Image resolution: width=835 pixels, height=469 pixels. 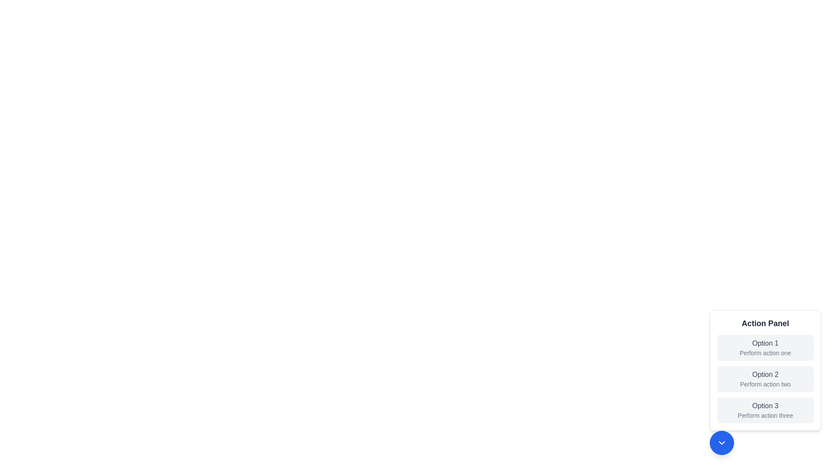 What do you see at coordinates (765, 382) in the screenshot?
I see `the second text button option in the 'Action Panel'` at bounding box center [765, 382].